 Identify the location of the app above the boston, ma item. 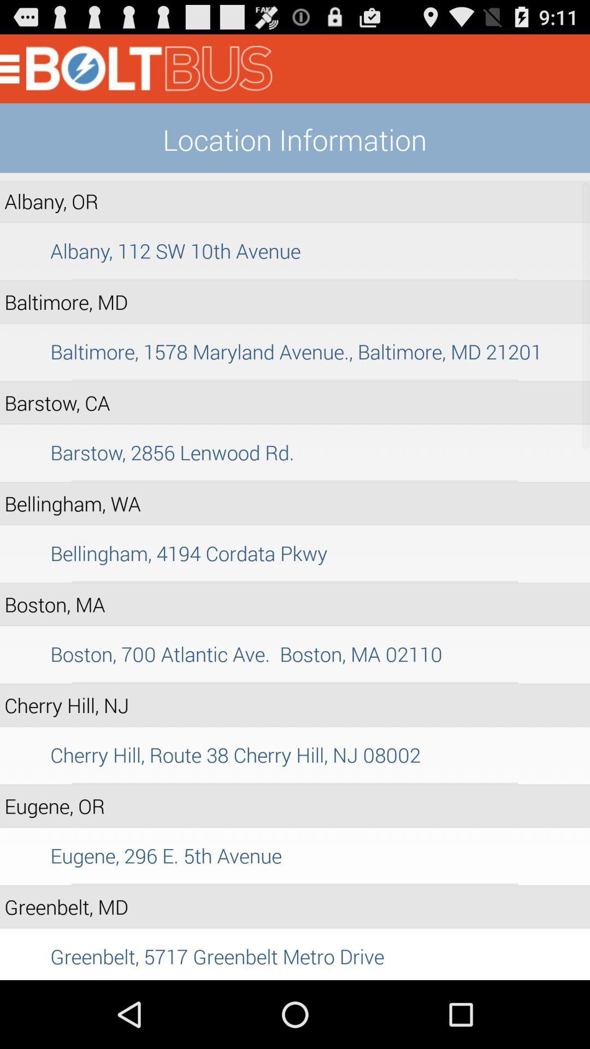
(295, 581).